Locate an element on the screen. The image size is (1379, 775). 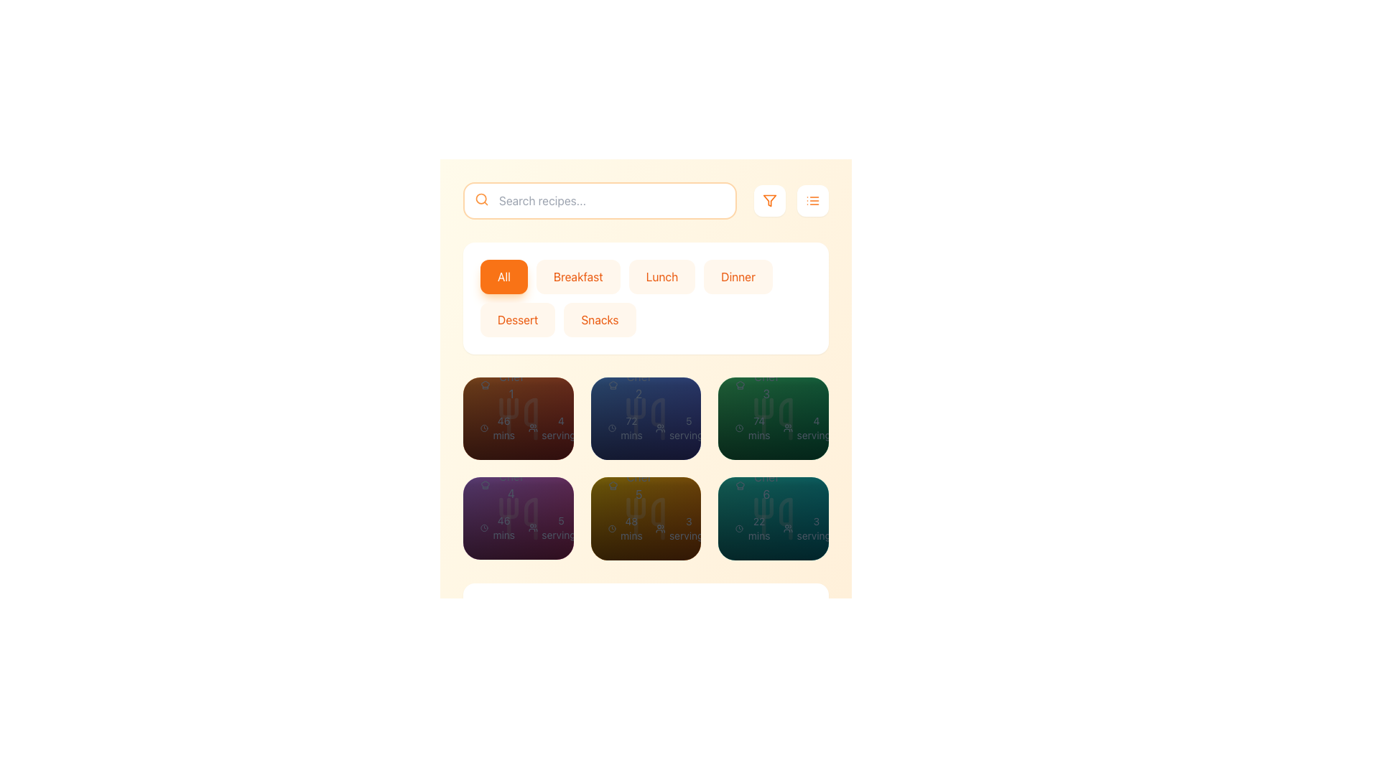
the circular button with a rose-red background and a heart-shaped icon outlined in white, located in the top-left corner of the second section of stacked cards, specifically the first card in the grid layout is located at coordinates (475, 418).